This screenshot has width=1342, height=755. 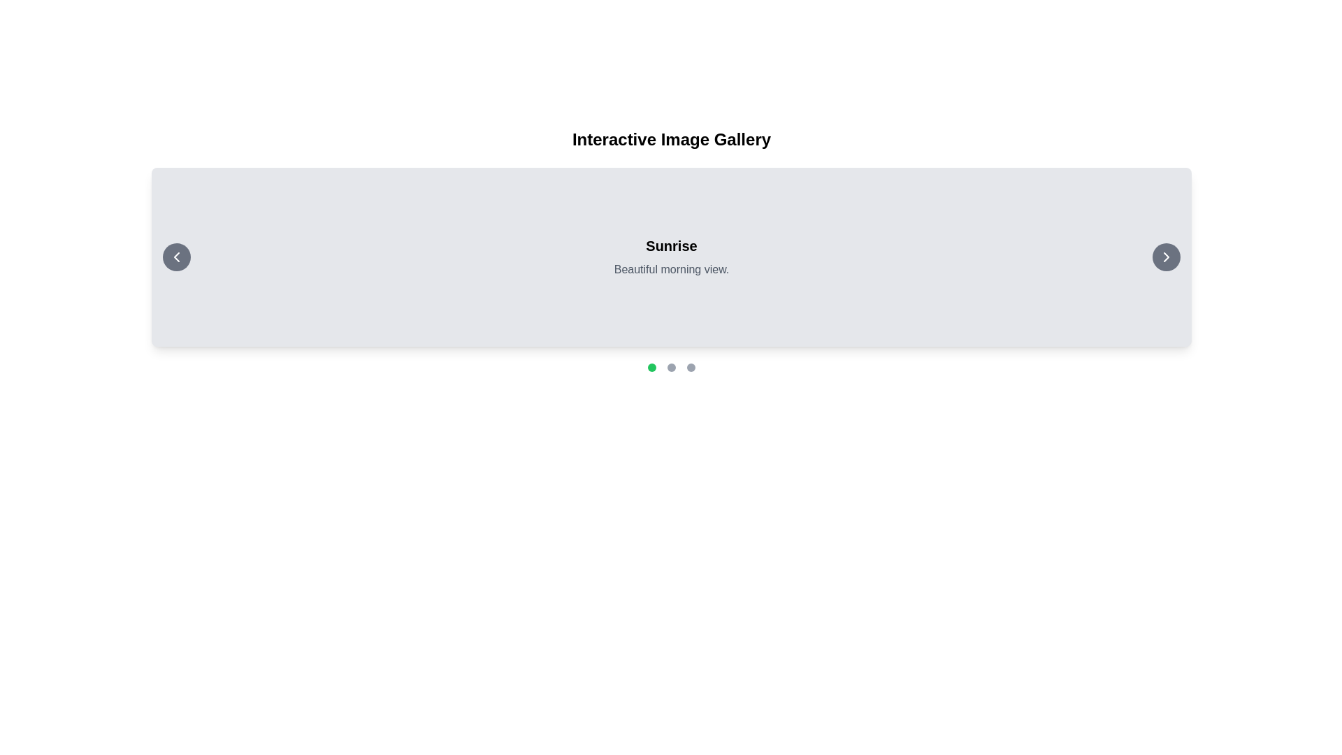 What do you see at coordinates (1167, 257) in the screenshot?
I see `the chevron arrow icon located within the circular button` at bounding box center [1167, 257].